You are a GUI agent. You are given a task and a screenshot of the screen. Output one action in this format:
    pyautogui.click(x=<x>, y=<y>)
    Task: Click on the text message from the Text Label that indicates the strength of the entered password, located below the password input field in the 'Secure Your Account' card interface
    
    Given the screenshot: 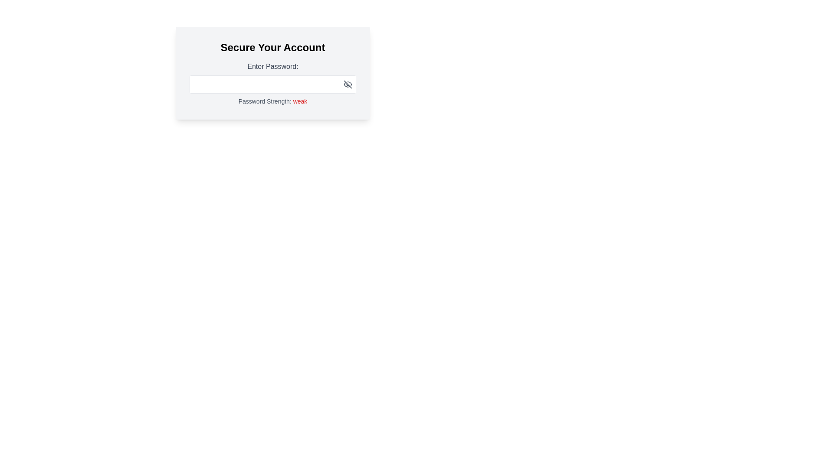 What is the action you would take?
    pyautogui.click(x=272, y=101)
    